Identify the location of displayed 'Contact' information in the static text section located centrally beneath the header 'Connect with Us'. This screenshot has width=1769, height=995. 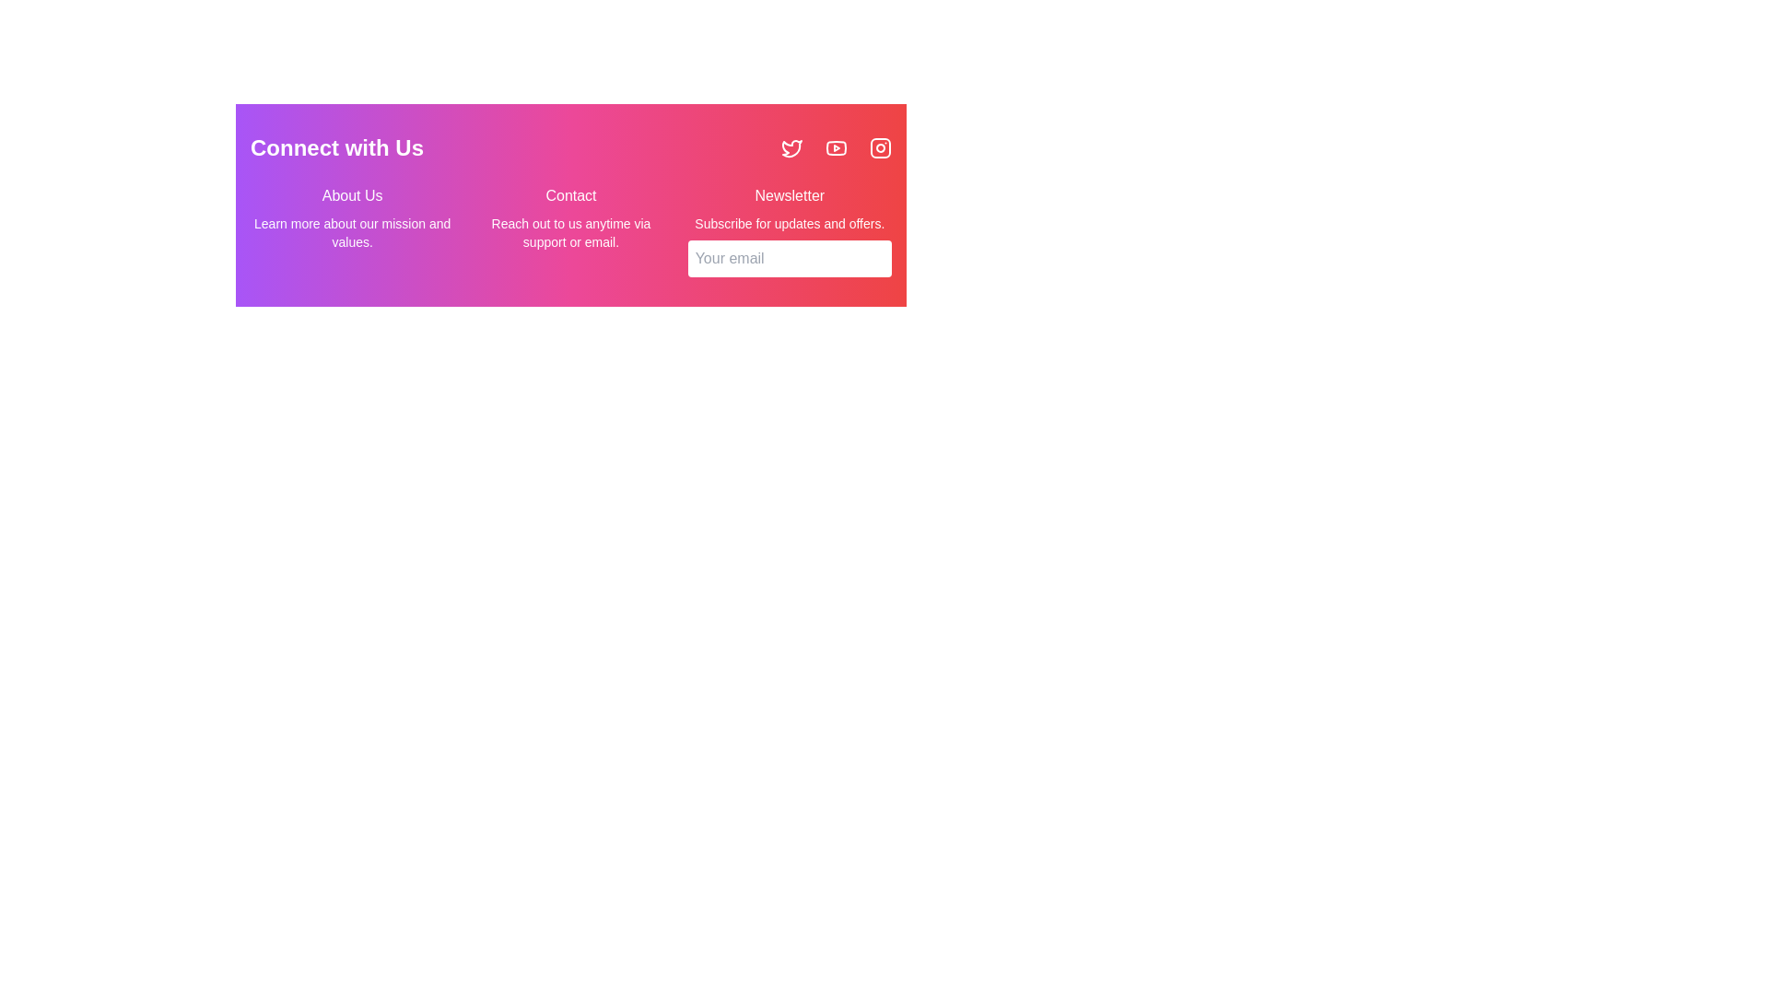
(569, 205).